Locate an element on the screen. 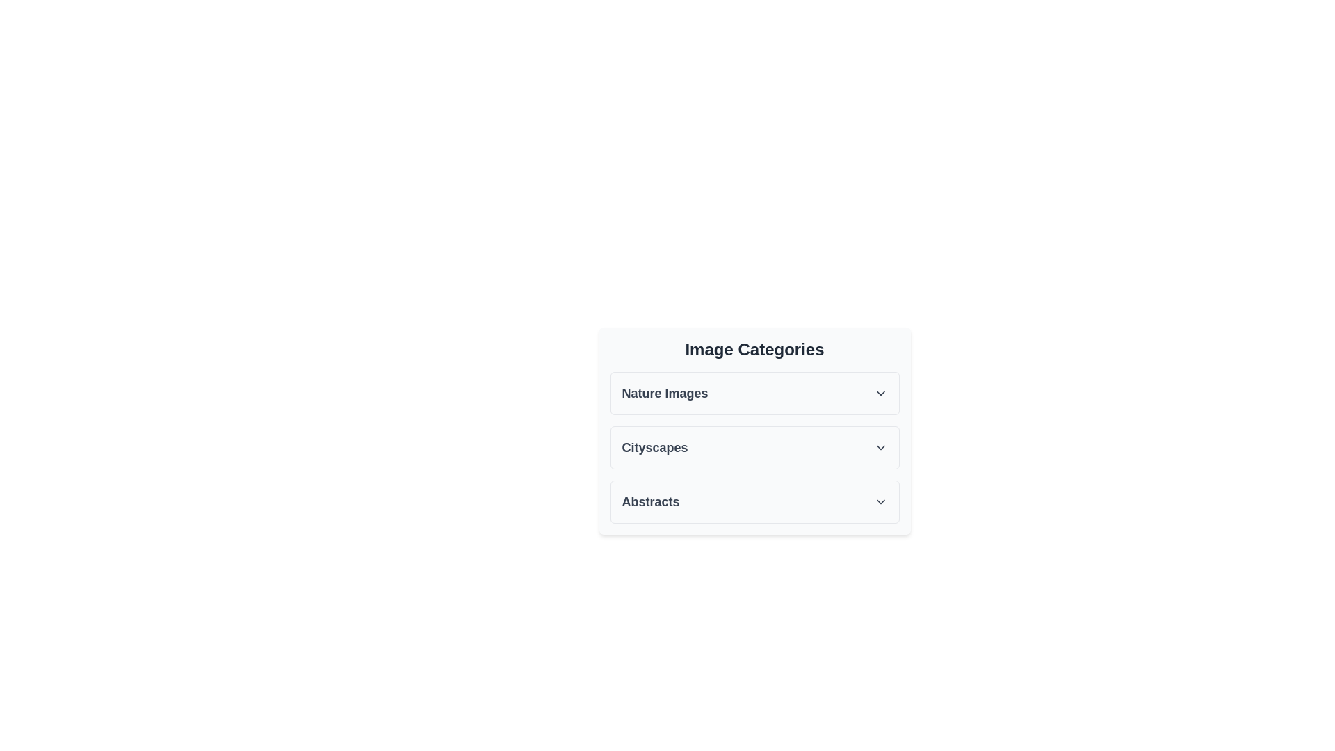 The image size is (1335, 751). the toggle icon for the Abstracts section to expand or collapse it is located at coordinates (880, 501).